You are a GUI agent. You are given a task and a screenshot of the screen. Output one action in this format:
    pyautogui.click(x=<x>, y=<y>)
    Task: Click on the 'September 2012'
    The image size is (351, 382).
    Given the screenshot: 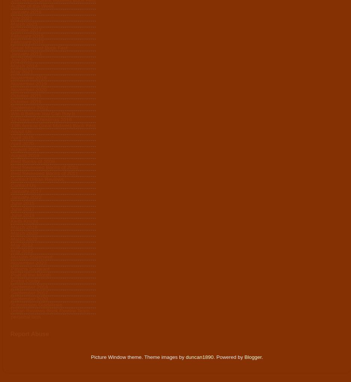 What is the action you would take?
    pyautogui.click(x=29, y=107)
    